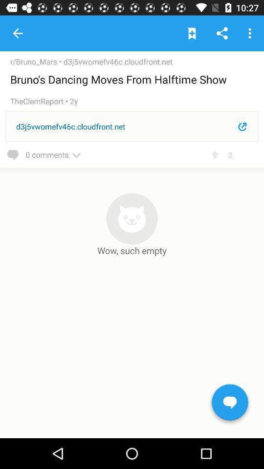  What do you see at coordinates (36, 61) in the screenshot?
I see `the icon next to the d3j5vwomefv46c.cloudfront.net item` at bounding box center [36, 61].